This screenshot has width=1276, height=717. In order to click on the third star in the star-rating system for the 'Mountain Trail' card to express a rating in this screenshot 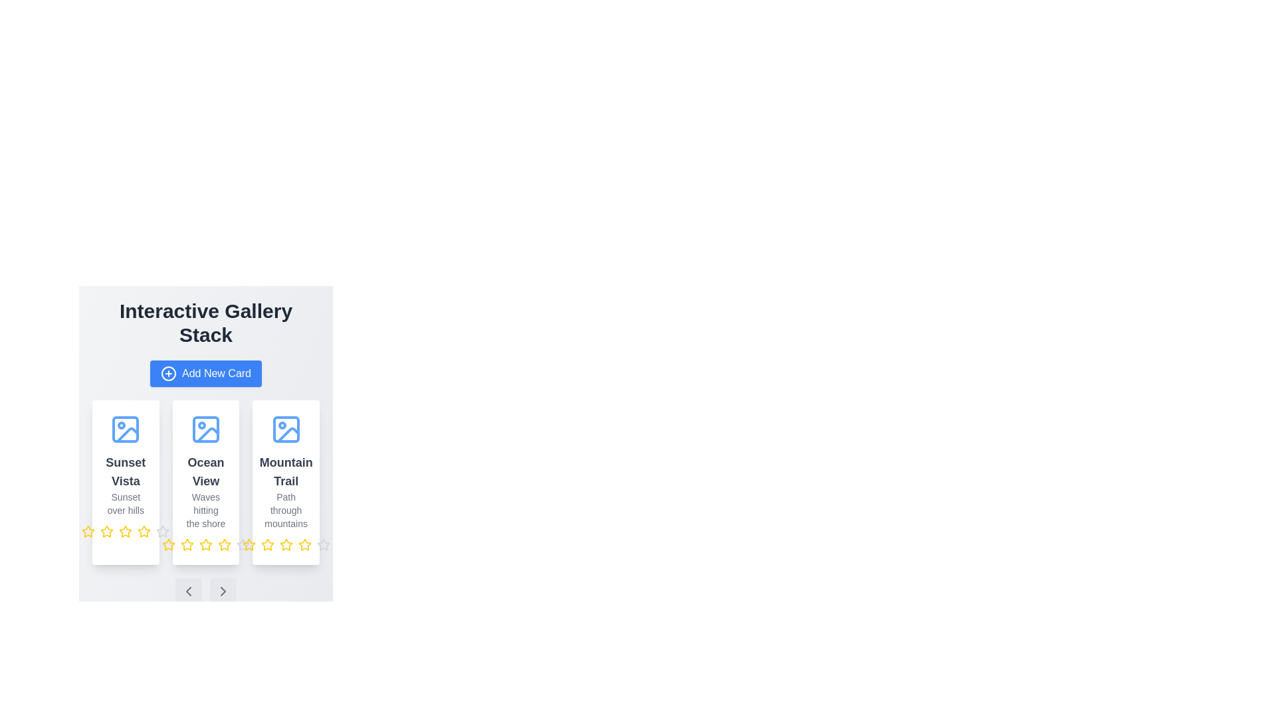, I will do `click(285, 545)`.